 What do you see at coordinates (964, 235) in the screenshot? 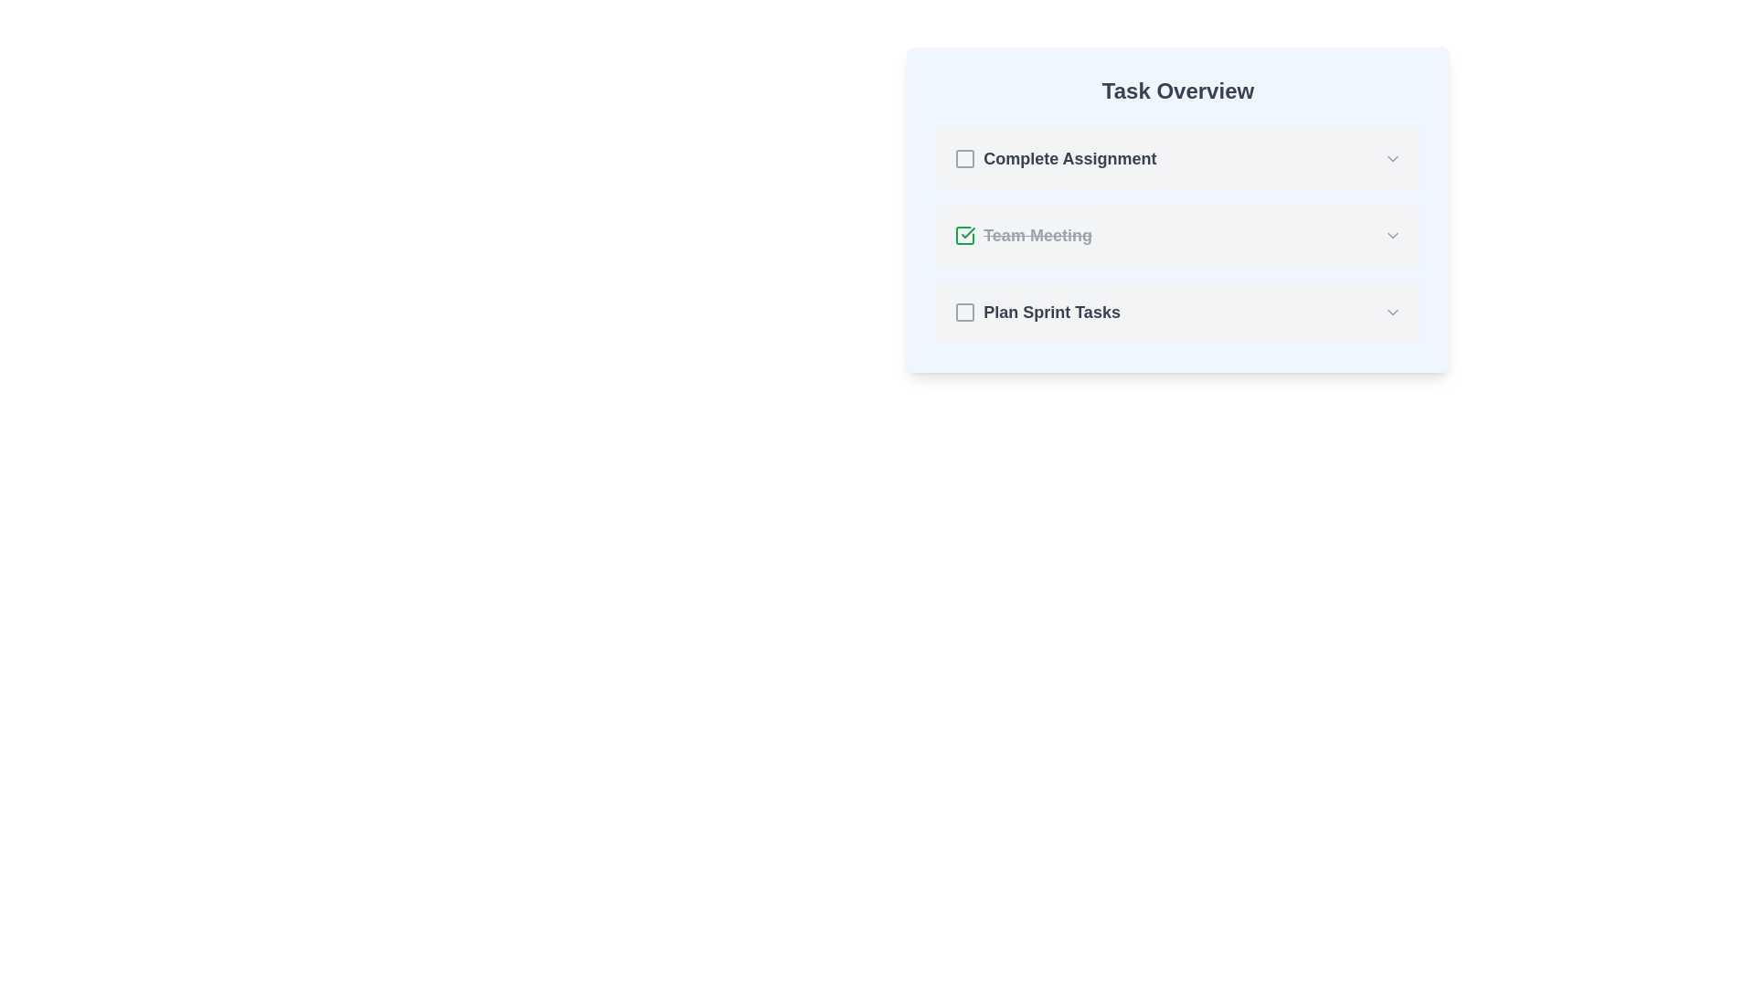
I see `the checkmark icon within a rounded square that indicates task completion for the 'Team Meeting' item in the task overview` at bounding box center [964, 235].